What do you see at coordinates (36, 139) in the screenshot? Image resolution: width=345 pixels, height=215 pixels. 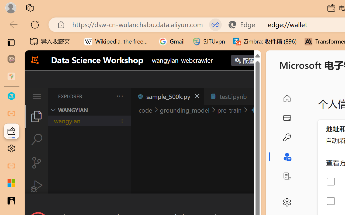 I see `'Search (Ctrl+Shift+F)'` at bounding box center [36, 139].